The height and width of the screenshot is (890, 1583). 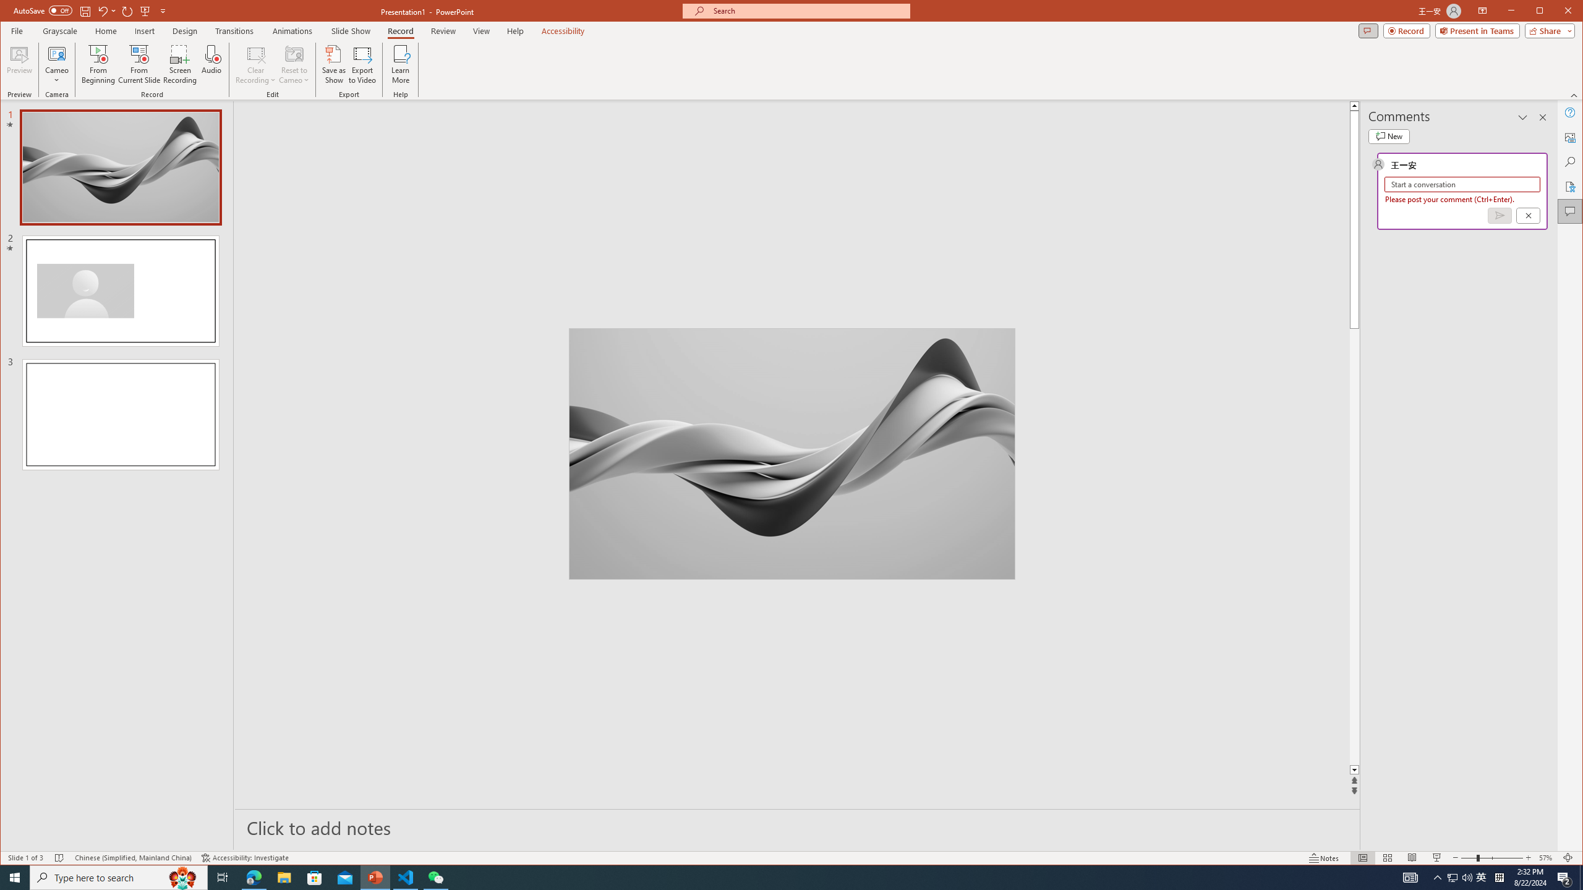 What do you see at coordinates (1462, 184) in the screenshot?
I see `'Start a conversation'` at bounding box center [1462, 184].